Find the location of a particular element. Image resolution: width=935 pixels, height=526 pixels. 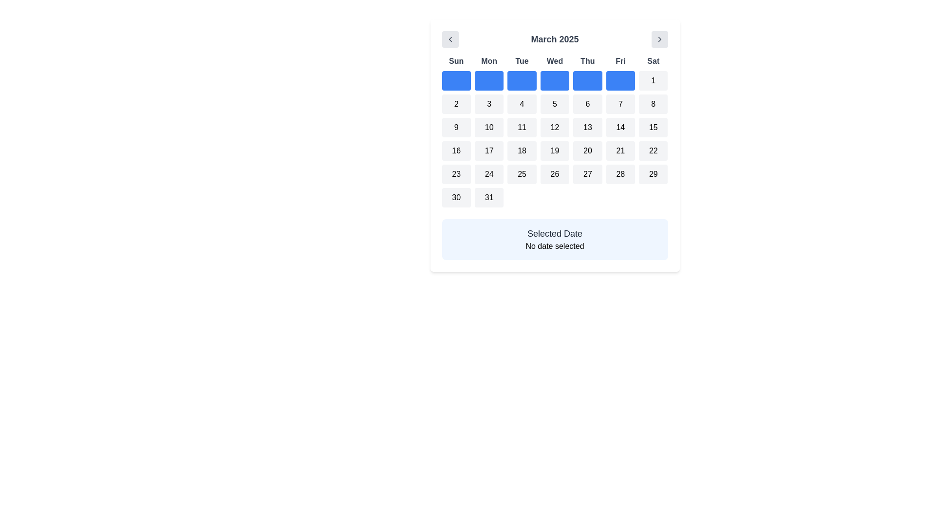

the static text label identifying 'Tuesday', which is the third item in the row of days of the week in the calendar view is located at coordinates (522, 61).